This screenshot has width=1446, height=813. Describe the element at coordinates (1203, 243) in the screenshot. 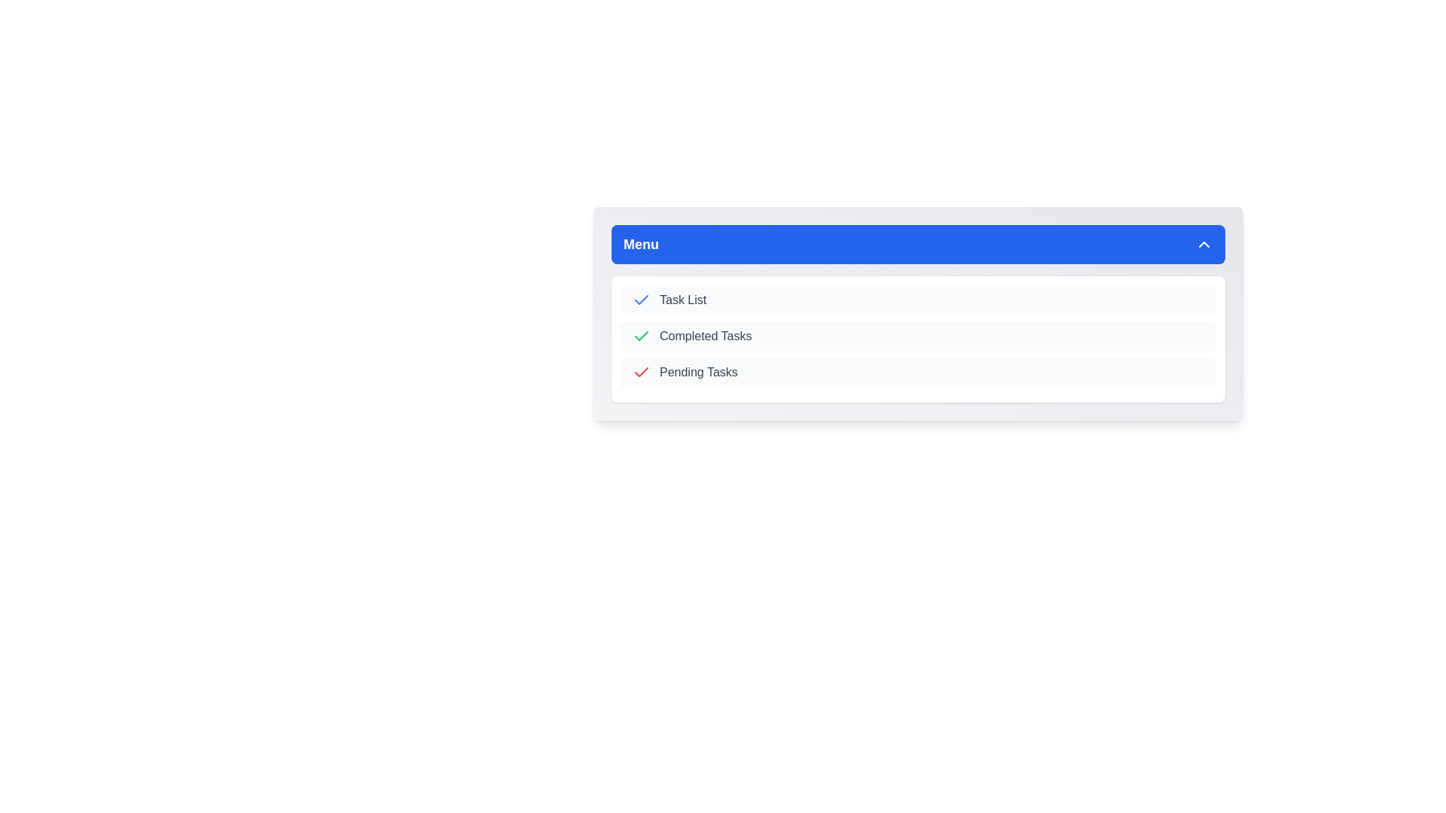

I see `the arrow icon in the upper-right corner of the header section` at that location.